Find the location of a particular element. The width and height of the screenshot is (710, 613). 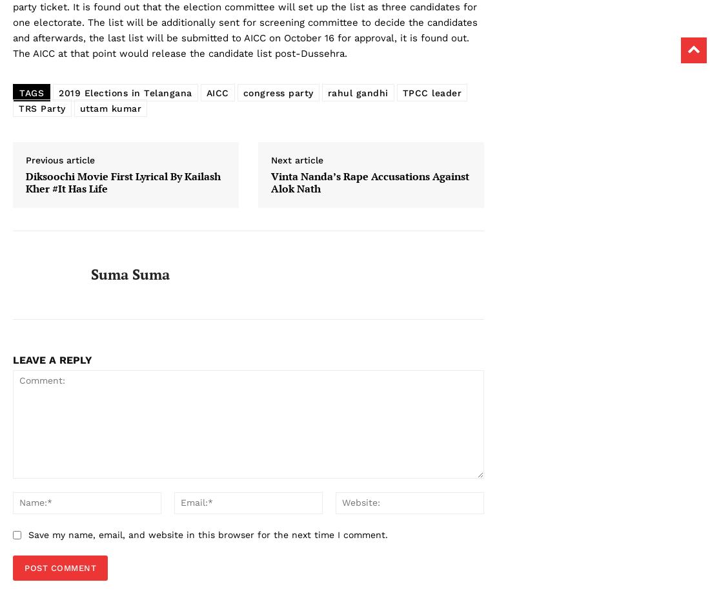

'rahul gandhi' is located at coordinates (356, 92).